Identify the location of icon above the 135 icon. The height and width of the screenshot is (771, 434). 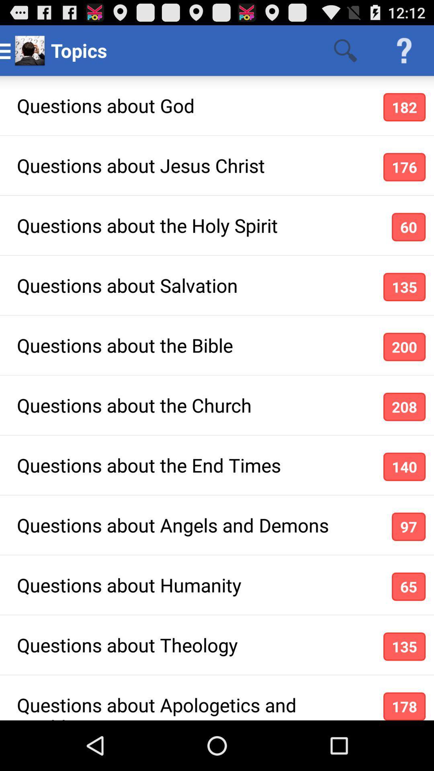
(409, 586).